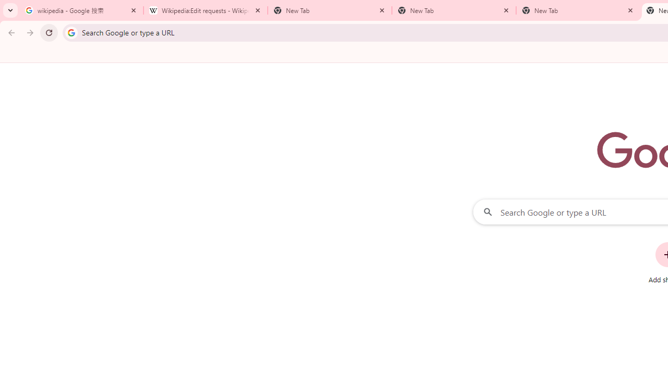  Describe the element at coordinates (578, 10) in the screenshot. I see `'New Tab'` at that location.